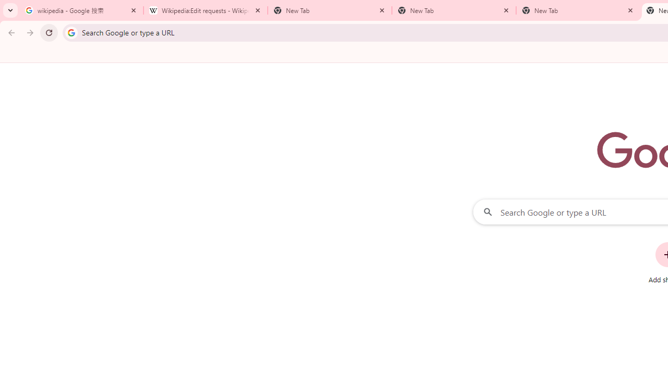  Describe the element at coordinates (578, 10) in the screenshot. I see `'New Tab'` at that location.